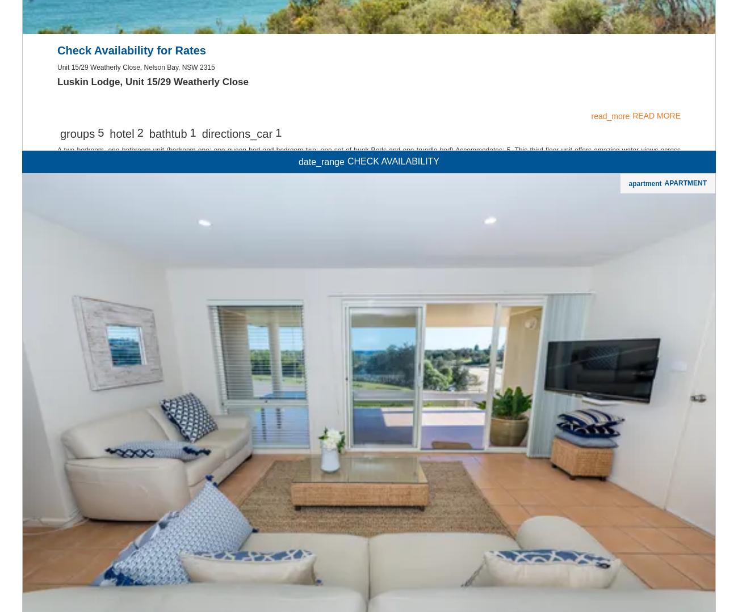 The width and height of the screenshot is (738, 612). Describe the element at coordinates (15, 339) in the screenshot. I see `'Sunday'` at that location.